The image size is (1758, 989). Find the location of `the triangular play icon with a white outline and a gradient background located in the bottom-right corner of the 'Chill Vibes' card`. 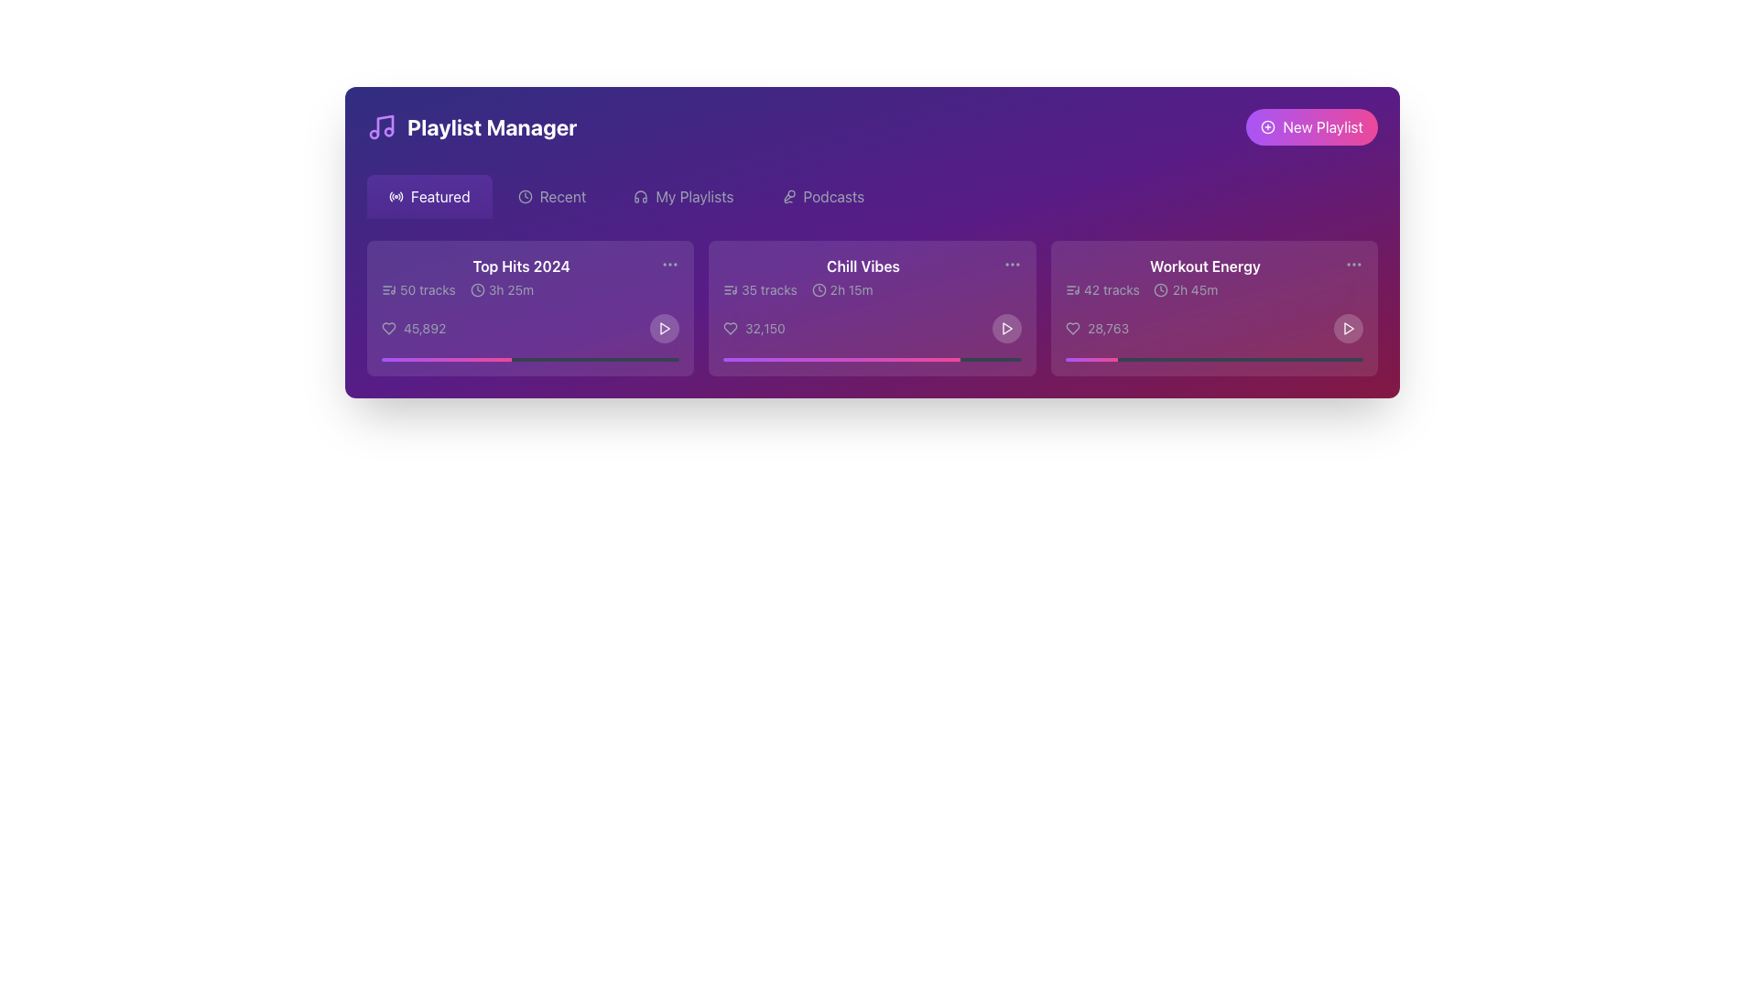

the triangular play icon with a white outline and a gradient background located in the bottom-right corner of the 'Chill Vibes' card is located at coordinates (1005, 327).